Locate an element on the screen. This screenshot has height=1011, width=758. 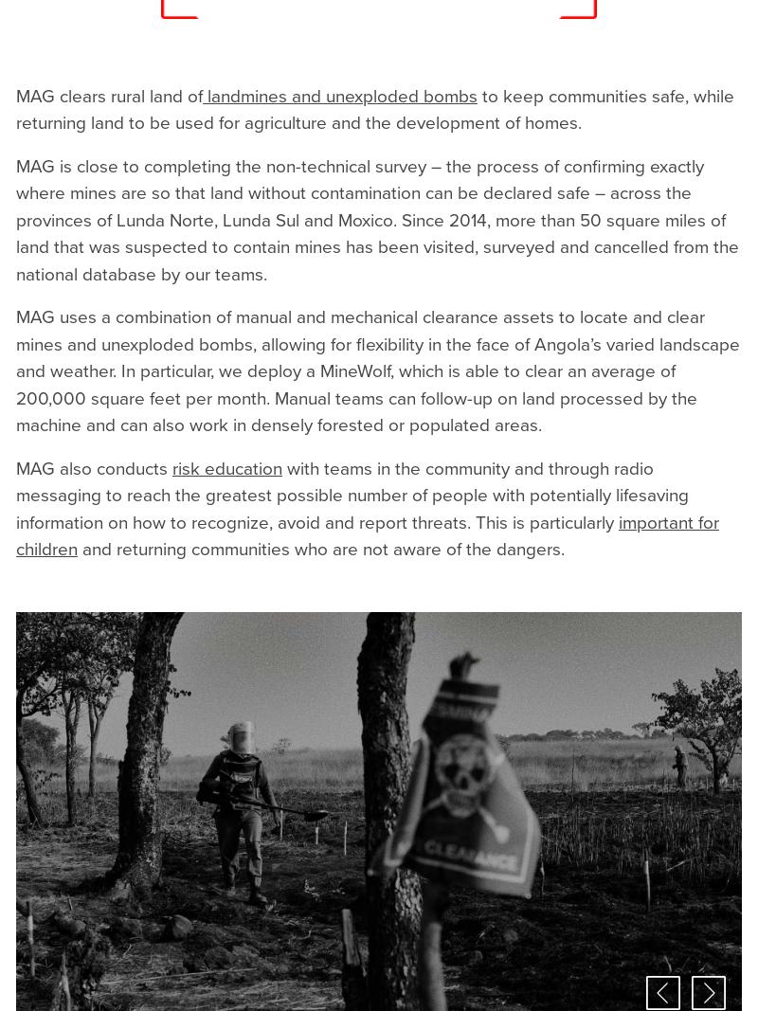
'important for children' is located at coordinates (367, 535).